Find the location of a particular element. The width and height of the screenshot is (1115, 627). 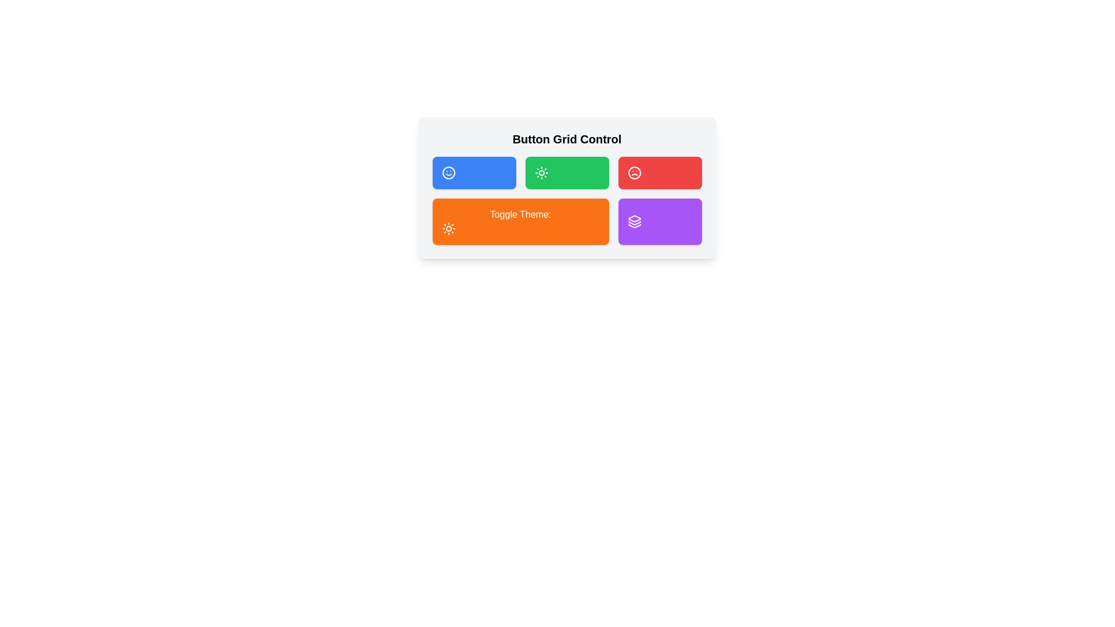

the theme toggle button is located at coordinates (520, 221).